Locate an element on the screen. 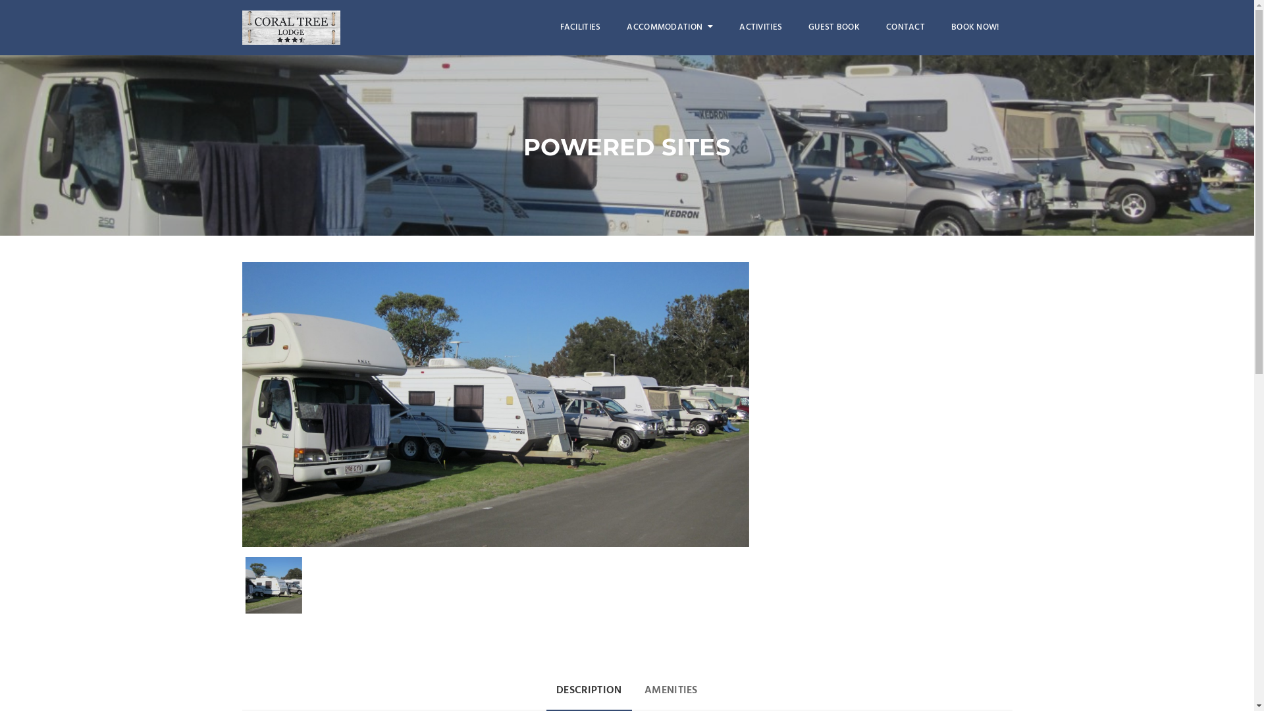 This screenshot has width=1264, height=711. 'ACTIVITIES' is located at coordinates (760, 28).